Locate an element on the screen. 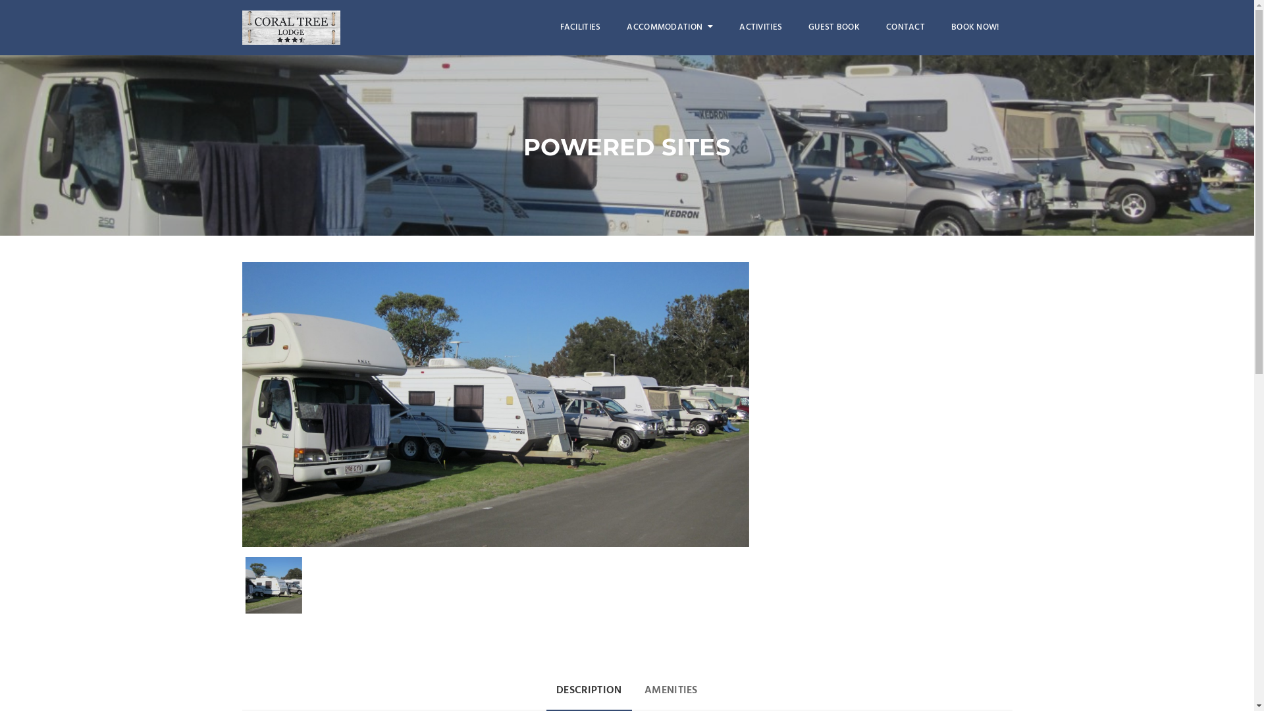 This screenshot has width=1264, height=711. 'ACTIVITIES' is located at coordinates (760, 28).